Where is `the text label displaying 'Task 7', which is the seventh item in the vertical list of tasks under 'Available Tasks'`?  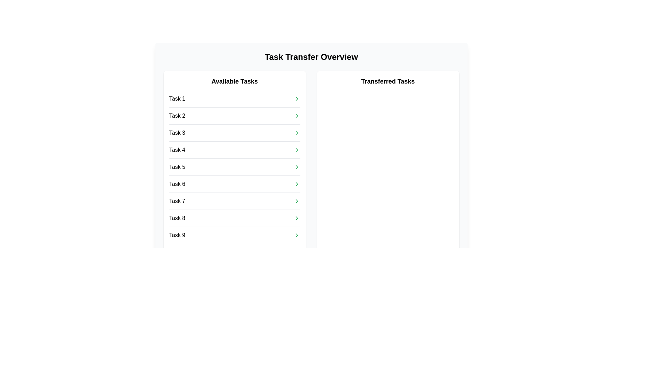 the text label displaying 'Task 7', which is the seventh item in the vertical list of tasks under 'Available Tasks' is located at coordinates (177, 201).